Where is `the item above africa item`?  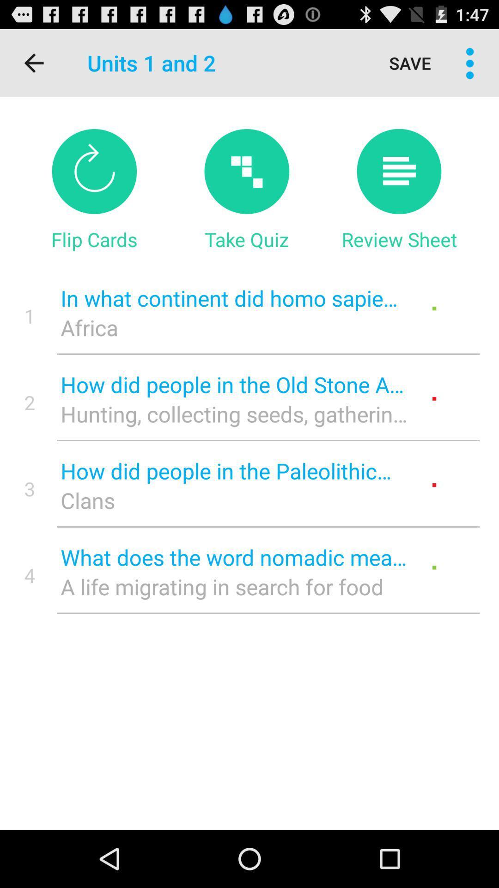 the item above africa item is located at coordinates (233, 298).